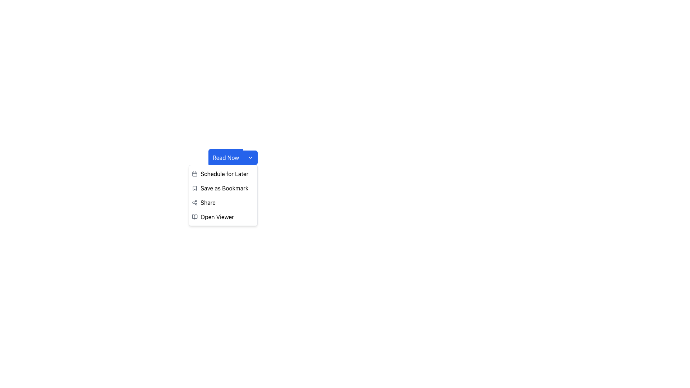 This screenshot has width=690, height=388. I want to click on the rectangular graphical component with rounded corners that forms part of the calendar icon, located to the left of the text 'Schedule for Later', so click(195, 174).